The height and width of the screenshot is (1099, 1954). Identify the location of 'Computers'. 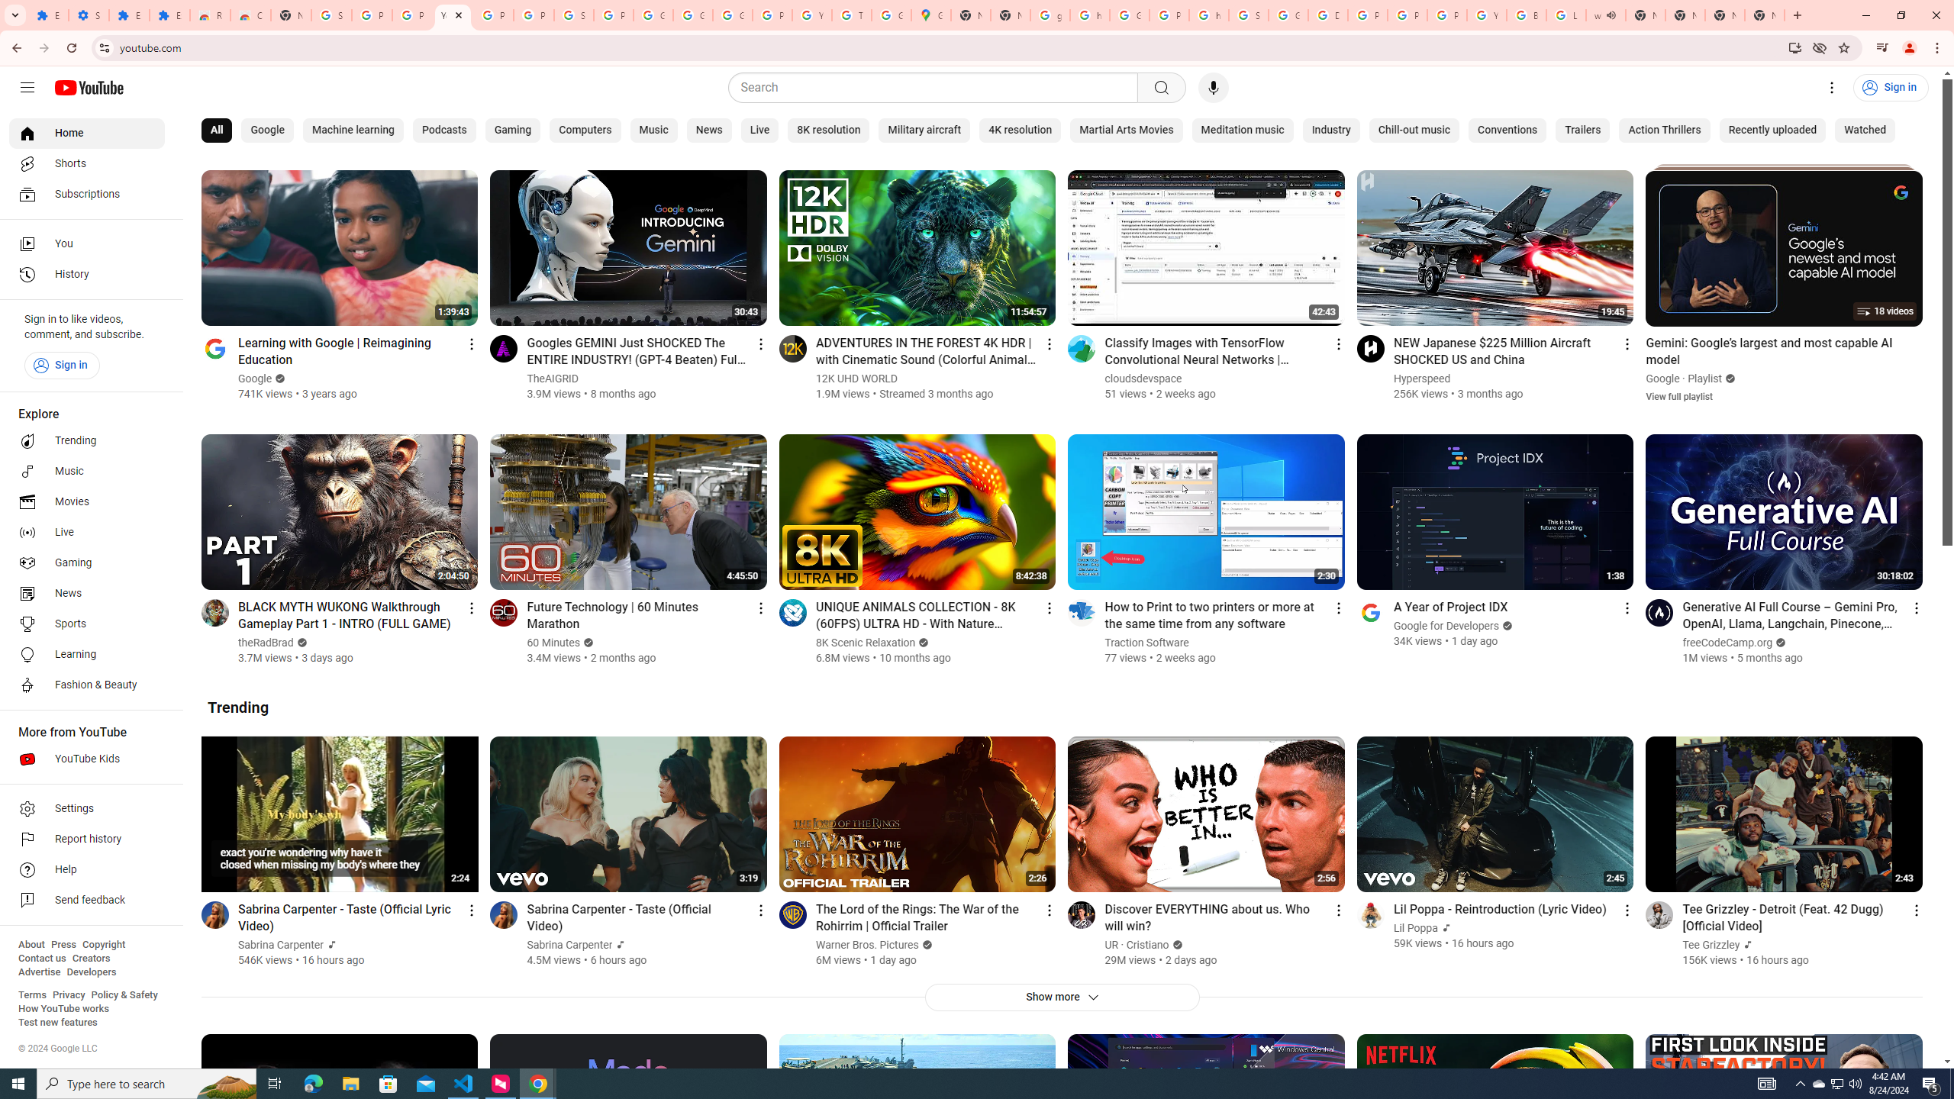
(585, 131).